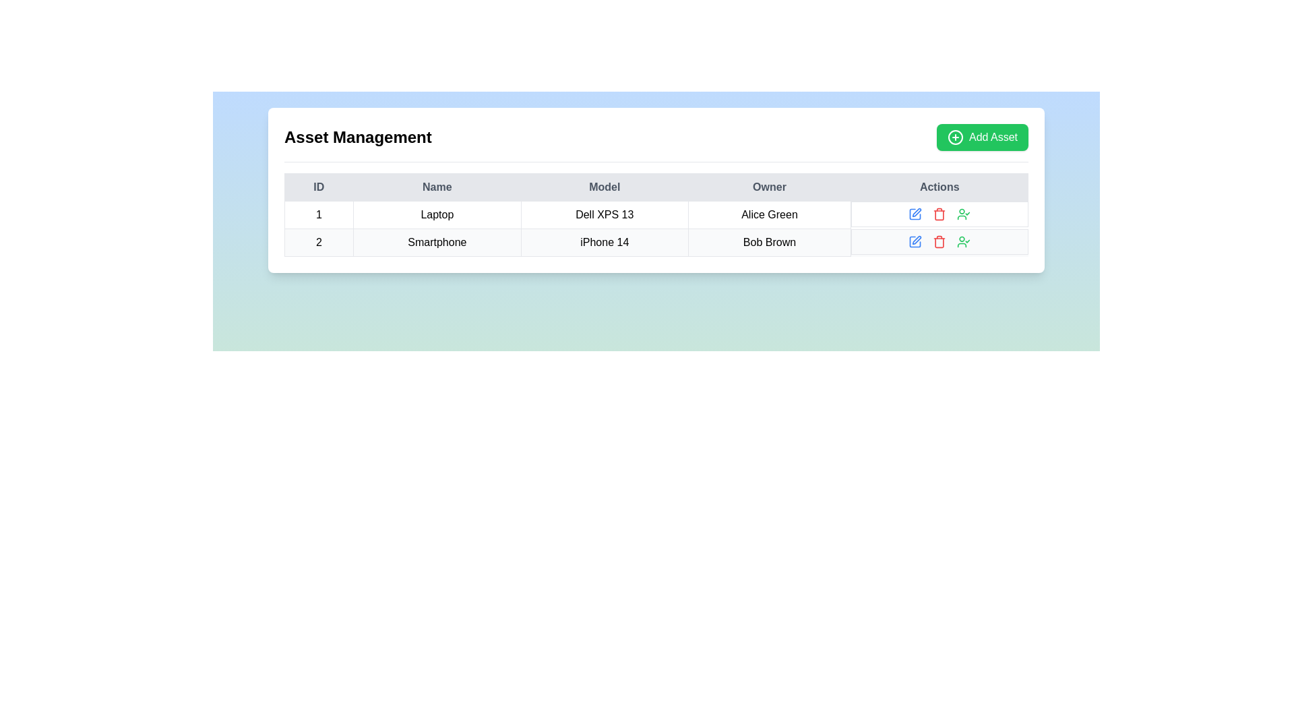 The image size is (1294, 728). I want to click on the label containing the text 'Smartphone', which is located in the second row of a grid under the 'Name' column, so click(437, 241).